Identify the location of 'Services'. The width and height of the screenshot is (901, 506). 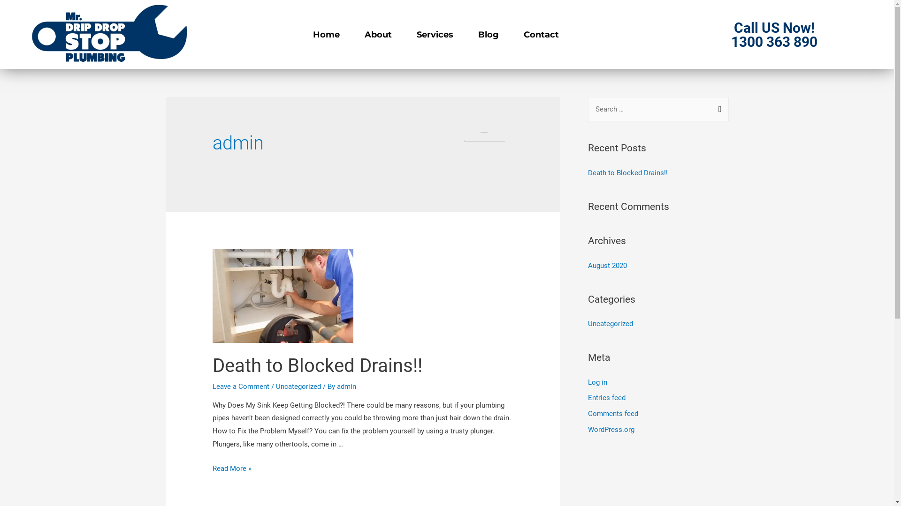
(434, 34).